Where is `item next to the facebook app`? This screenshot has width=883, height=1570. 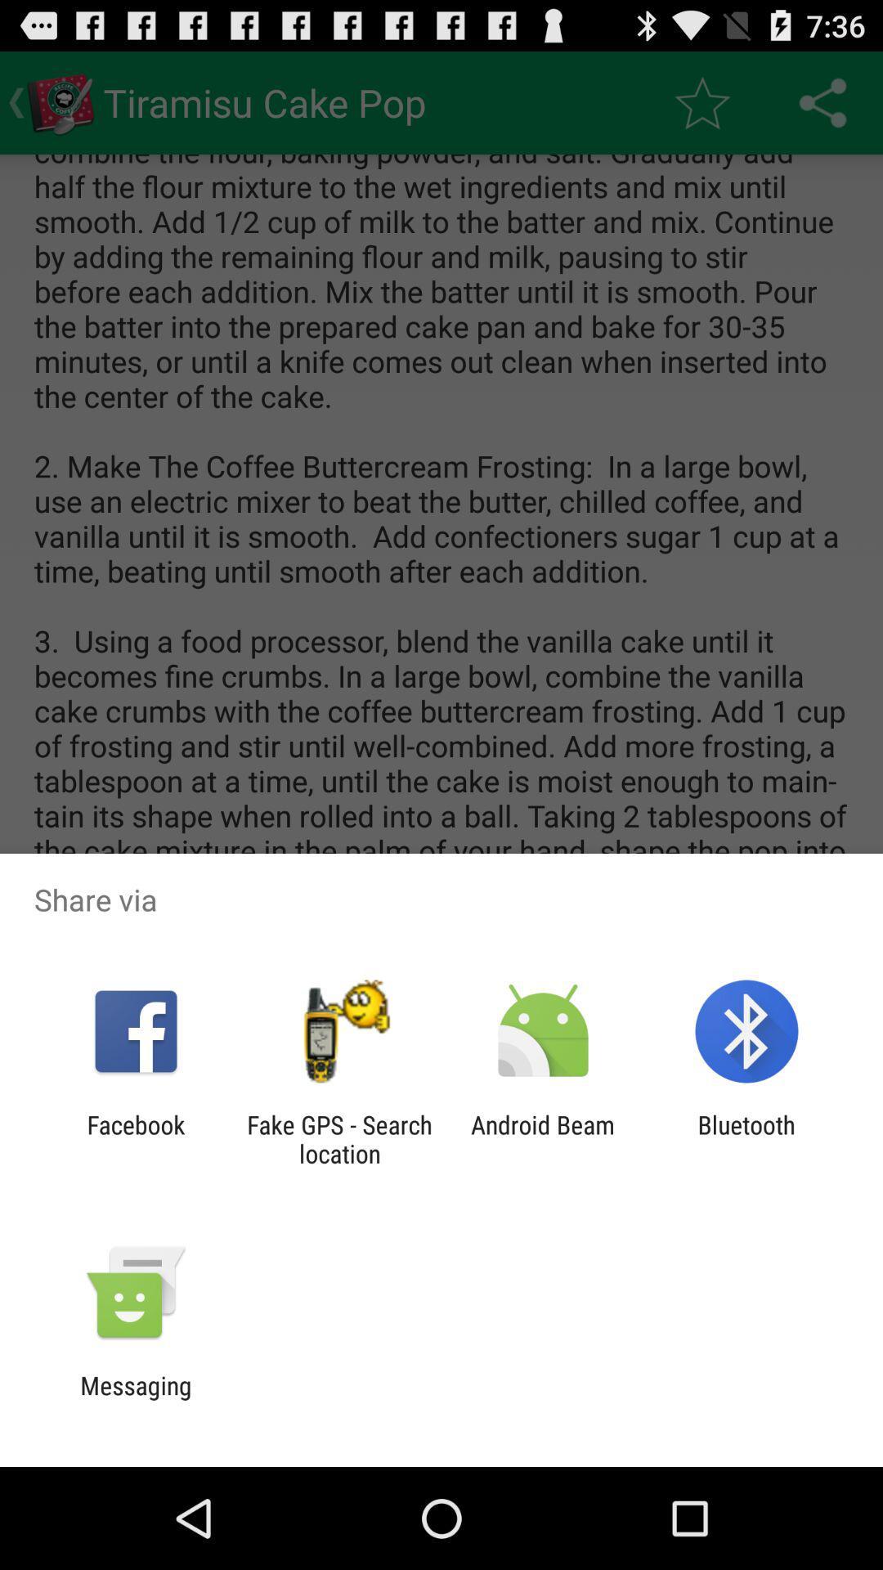
item next to the facebook app is located at coordinates (338, 1138).